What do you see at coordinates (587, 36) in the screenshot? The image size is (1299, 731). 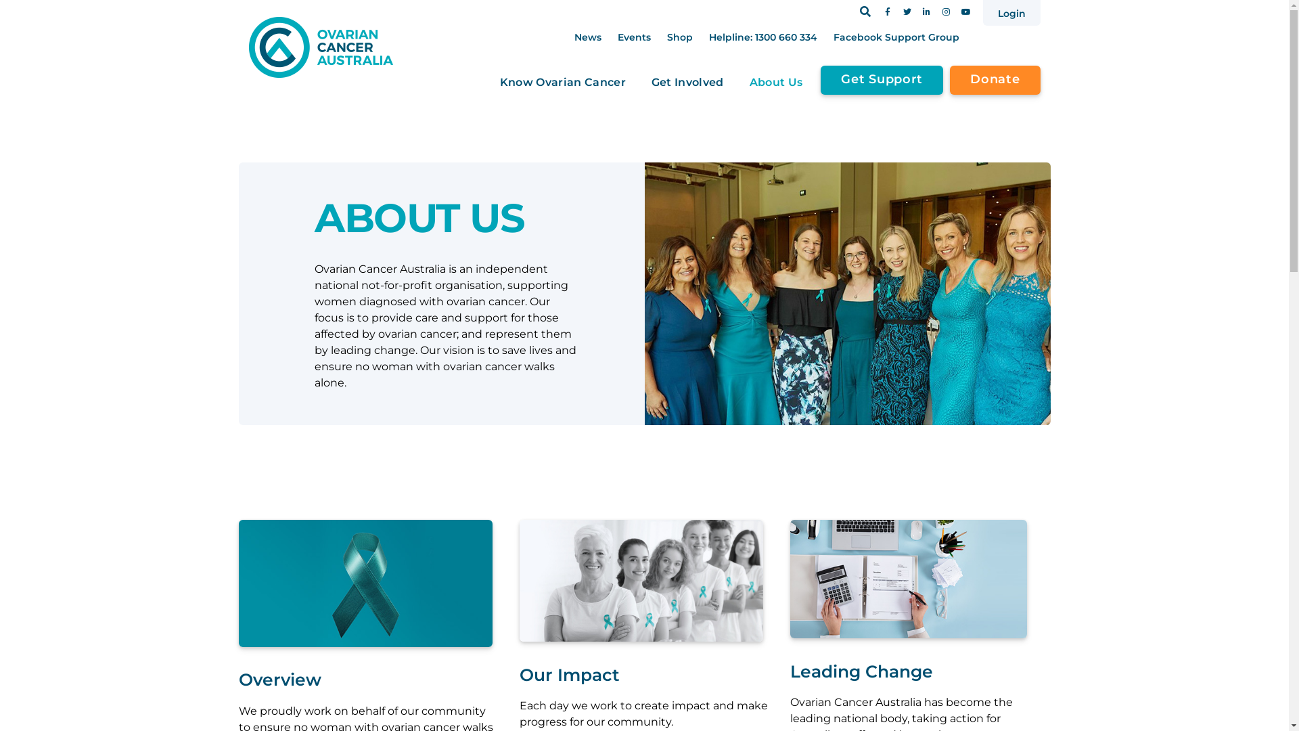 I see `'News'` at bounding box center [587, 36].